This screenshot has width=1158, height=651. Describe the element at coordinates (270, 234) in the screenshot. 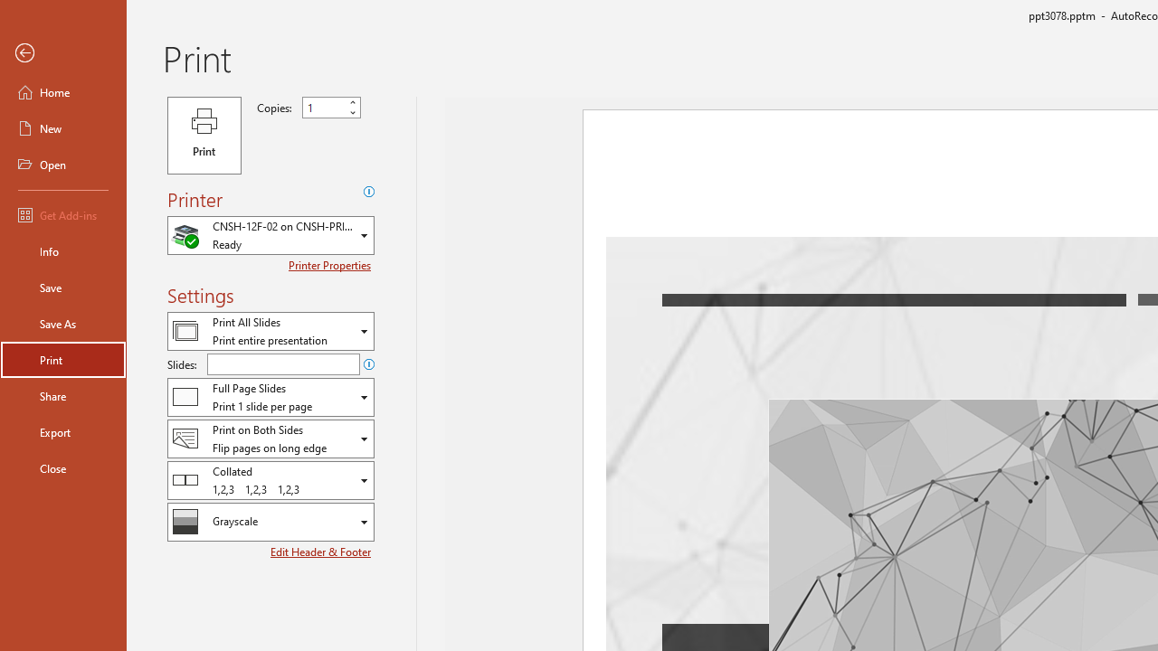

I see `'Which Printer'` at that location.